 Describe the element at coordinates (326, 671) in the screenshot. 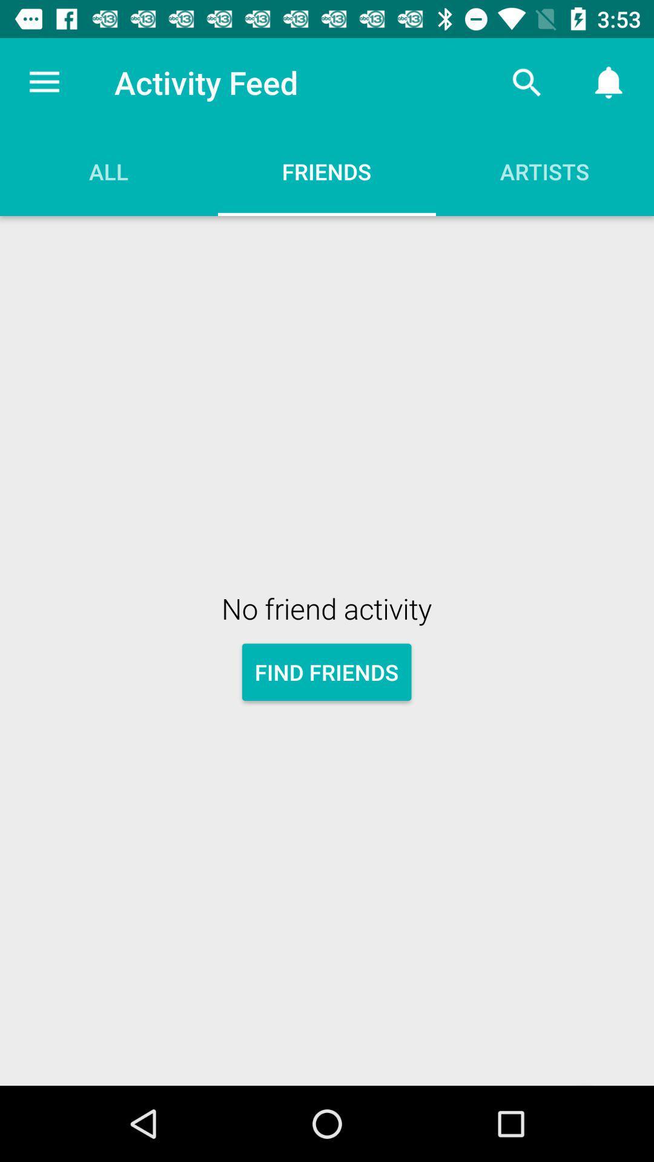

I see `find friends` at that location.